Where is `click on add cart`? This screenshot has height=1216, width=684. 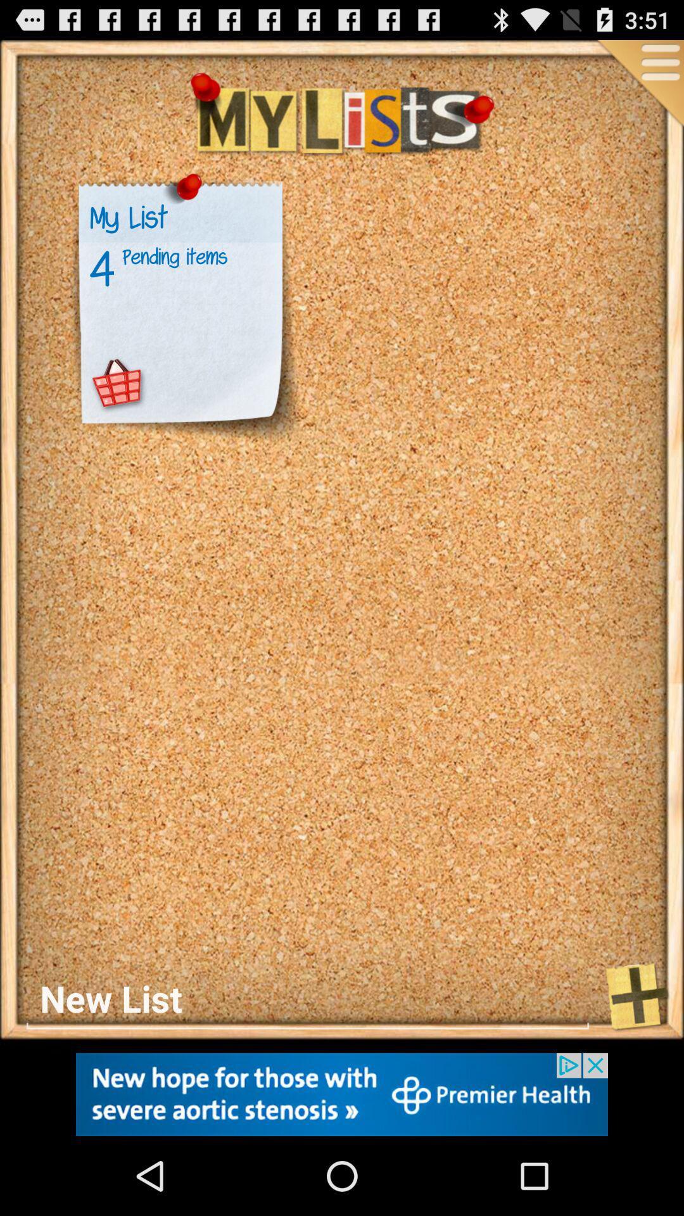 click on add cart is located at coordinates (118, 384).